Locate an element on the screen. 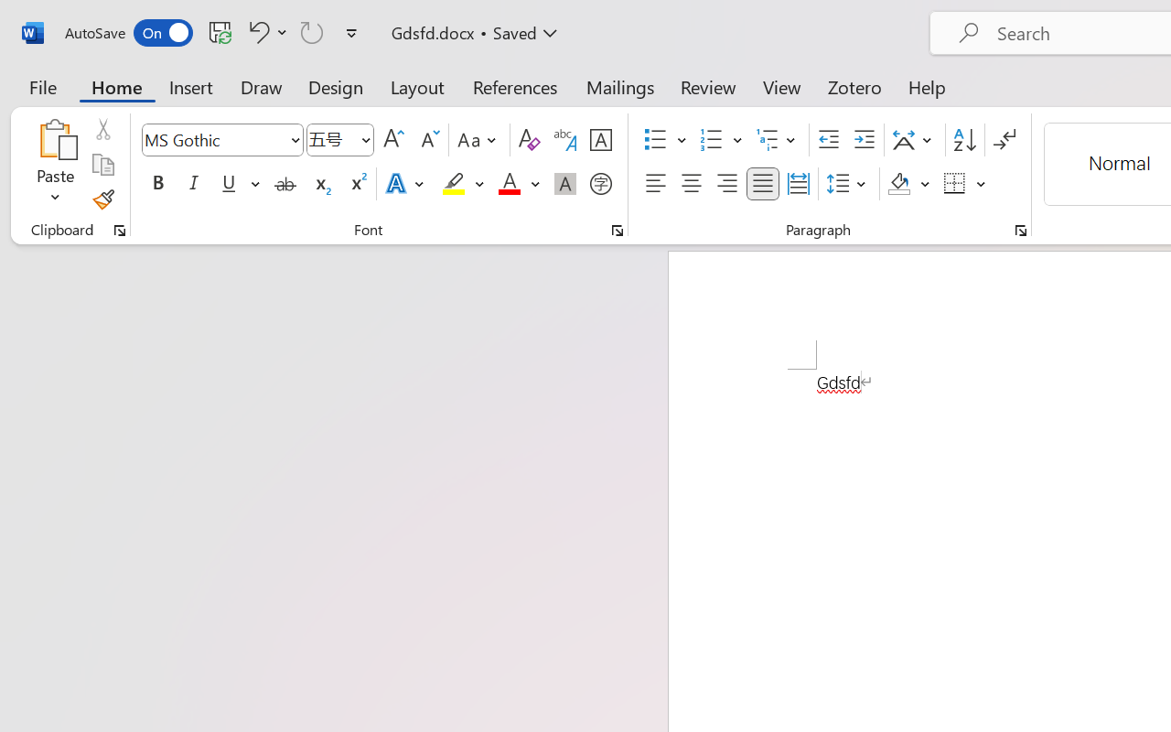  'Show/Hide Editing Marks' is located at coordinates (1004, 140).